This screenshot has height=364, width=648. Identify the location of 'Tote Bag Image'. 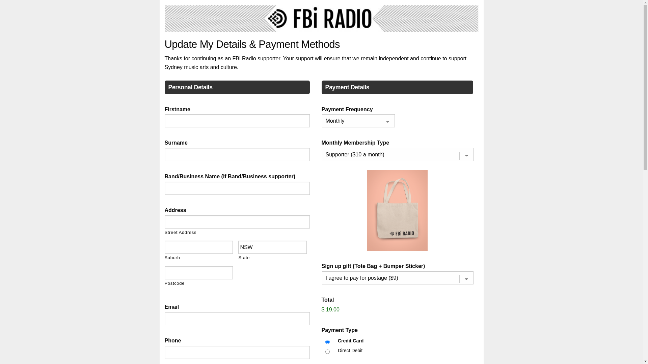
(397, 210).